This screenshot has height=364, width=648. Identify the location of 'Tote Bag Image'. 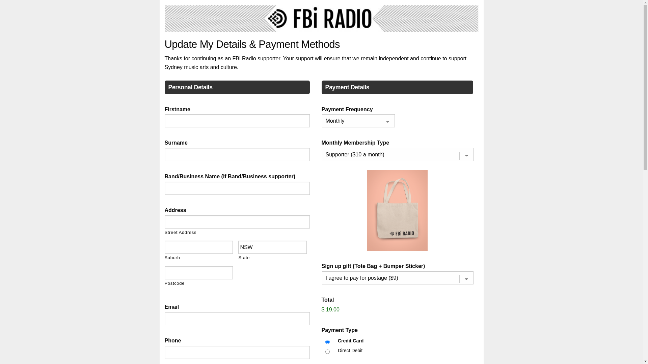
(397, 210).